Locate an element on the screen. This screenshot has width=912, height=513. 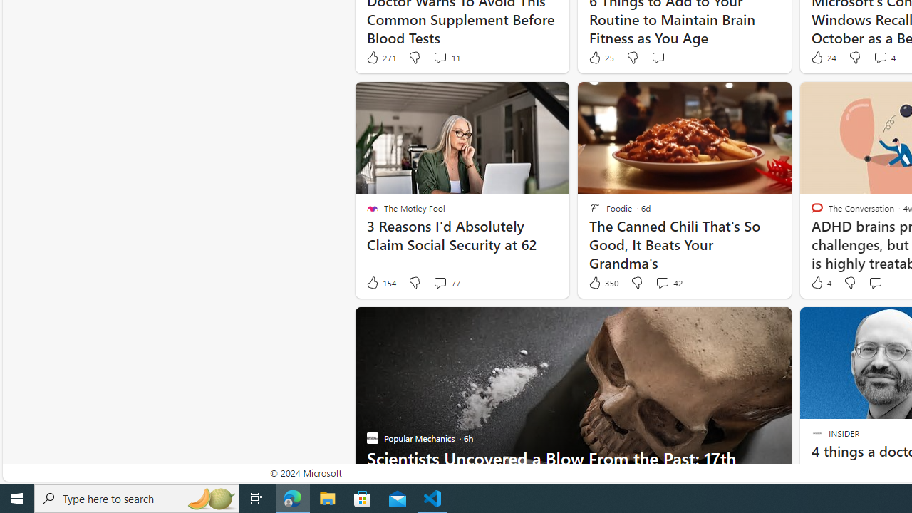
'View comments 77 Comment' is located at coordinates (439, 283).